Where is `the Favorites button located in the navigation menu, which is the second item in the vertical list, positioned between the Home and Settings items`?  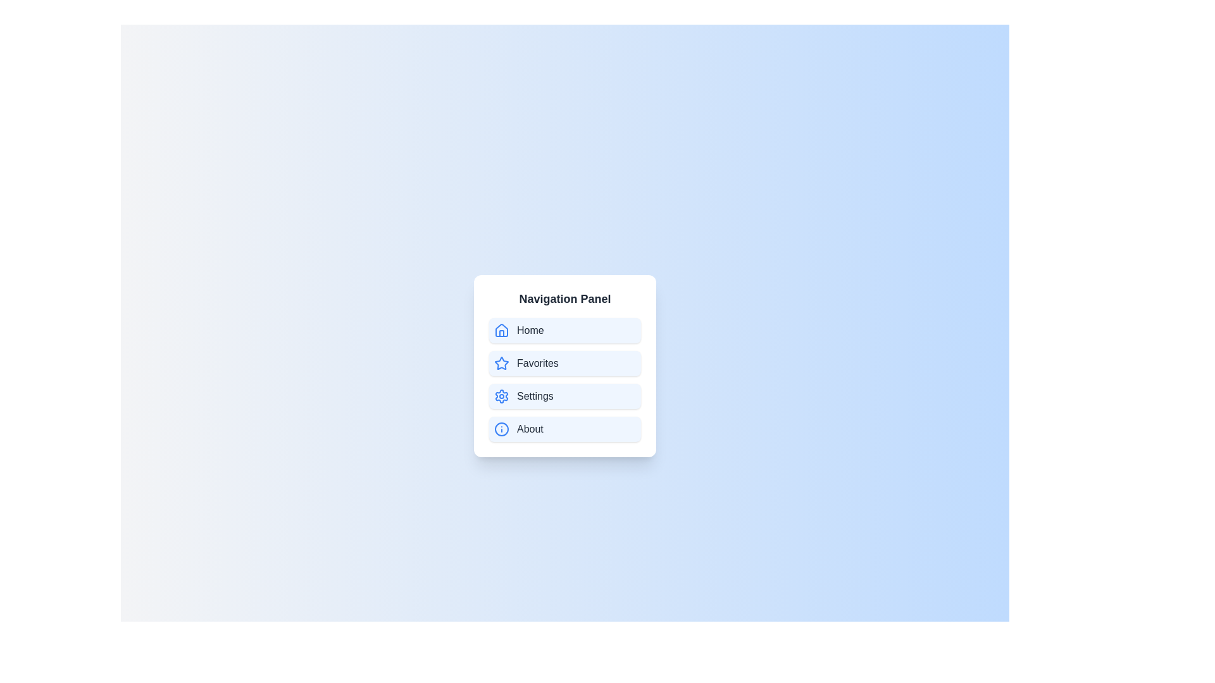 the Favorites button located in the navigation menu, which is the second item in the vertical list, positioned between the Home and Settings items is located at coordinates (564, 363).